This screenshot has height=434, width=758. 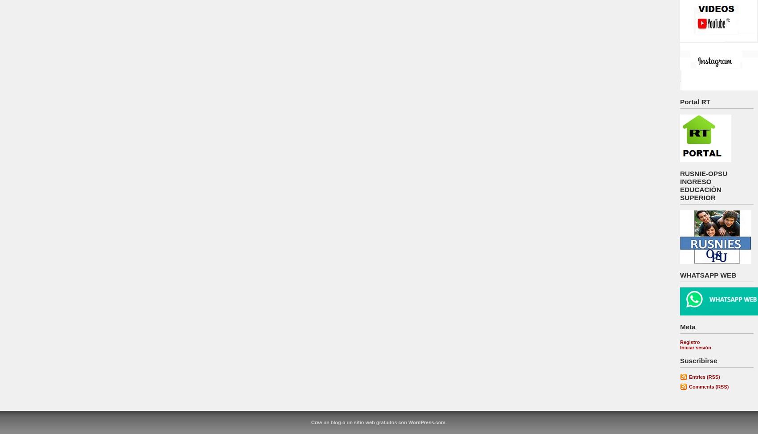 What do you see at coordinates (310, 422) in the screenshot?
I see `'Crea un blog o un sitio web gratuitos con WordPress.com.'` at bounding box center [310, 422].